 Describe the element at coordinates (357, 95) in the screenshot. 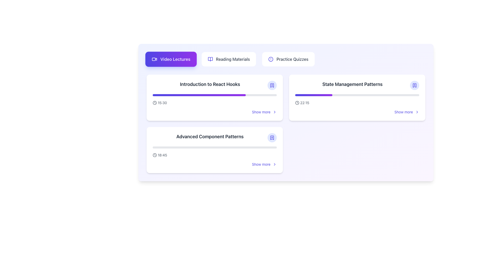

I see `the Progress Indicator located below the title 'State Management Patterns' and above the time display '22:15' in the rightmost card of the second row` at that location.